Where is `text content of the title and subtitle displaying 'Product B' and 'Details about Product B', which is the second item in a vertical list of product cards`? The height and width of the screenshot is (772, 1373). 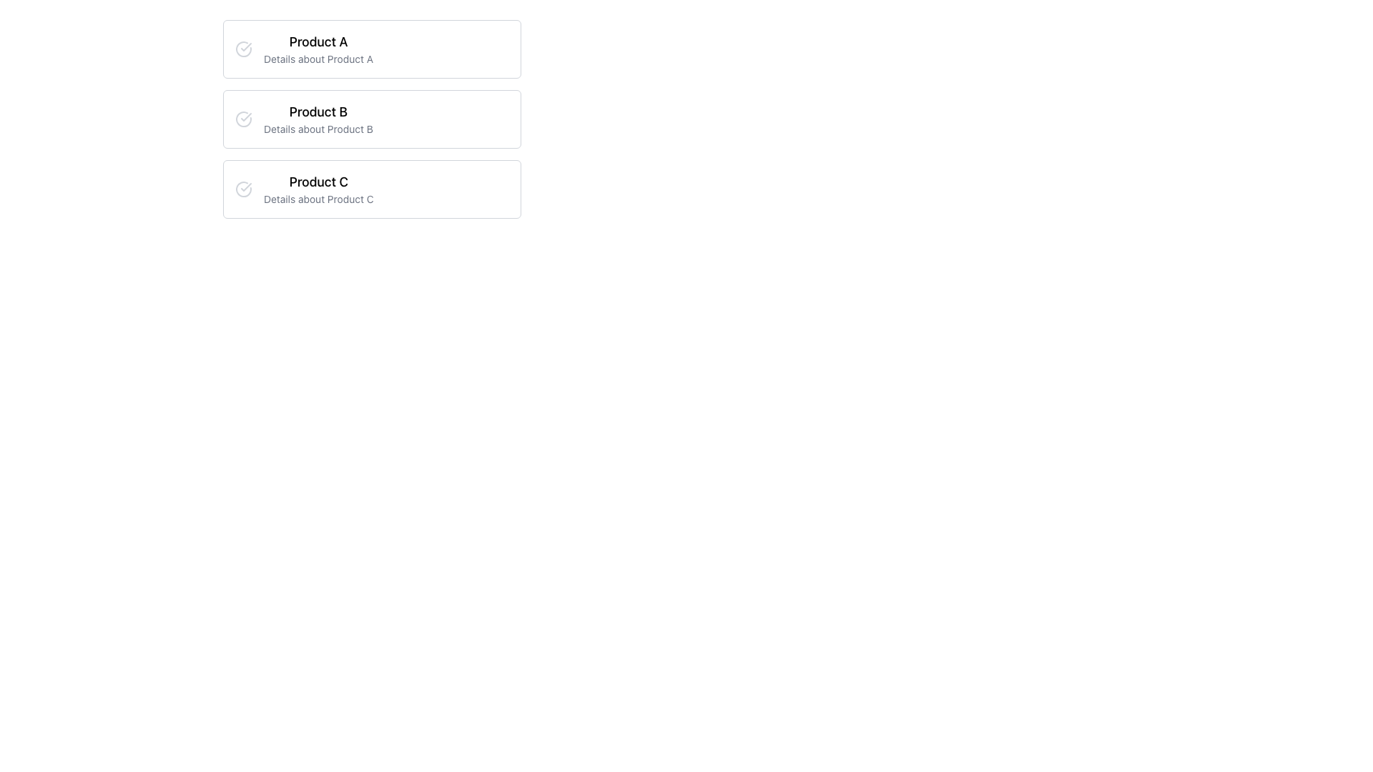 text content of the title and subtitle displaying 'Product B' and 'Details about Product B', which is the second item in a vertical list of product cards is located at coordinates (318, 118).